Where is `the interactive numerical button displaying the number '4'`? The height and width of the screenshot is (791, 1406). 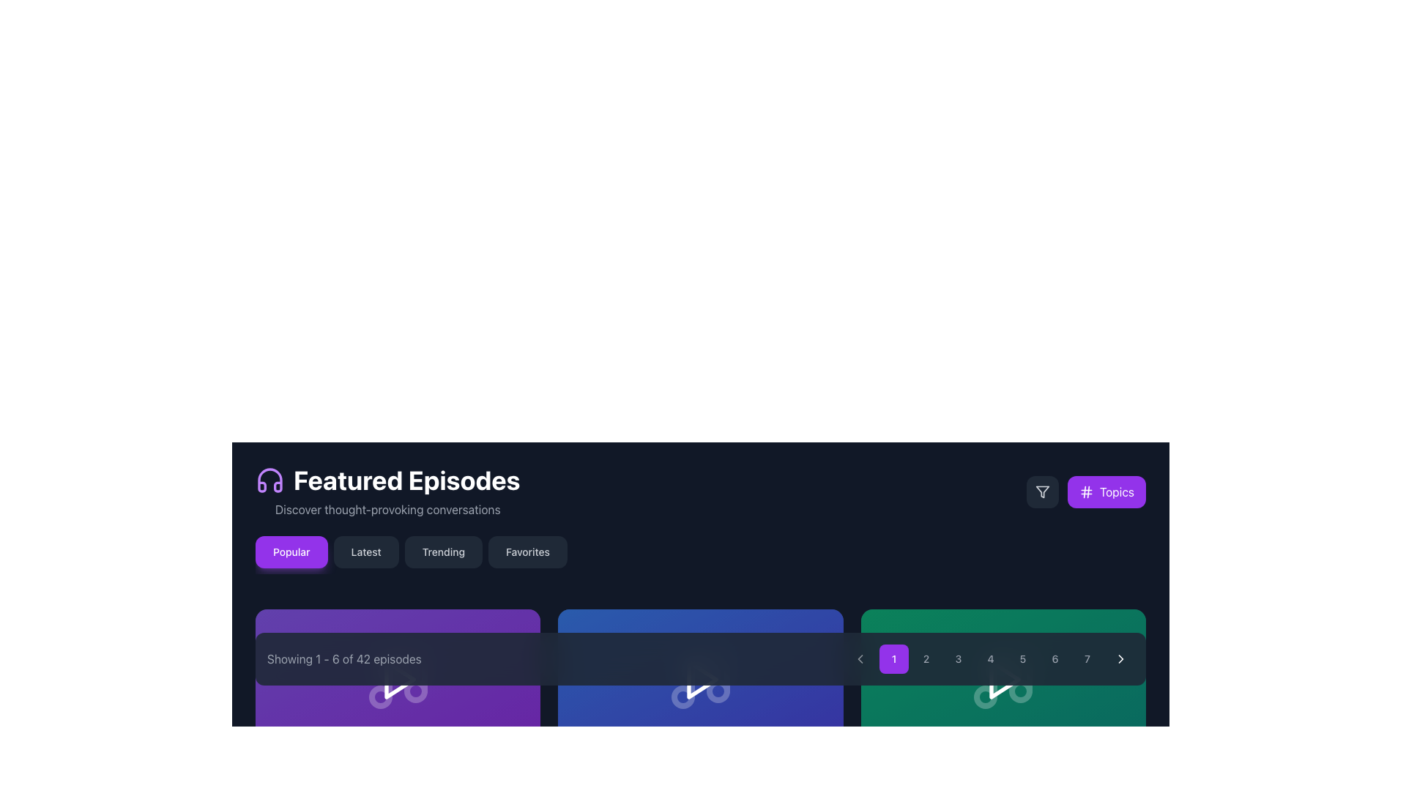
the interactive numerical button displaying the number '4' is located at coordinates (991, 658).